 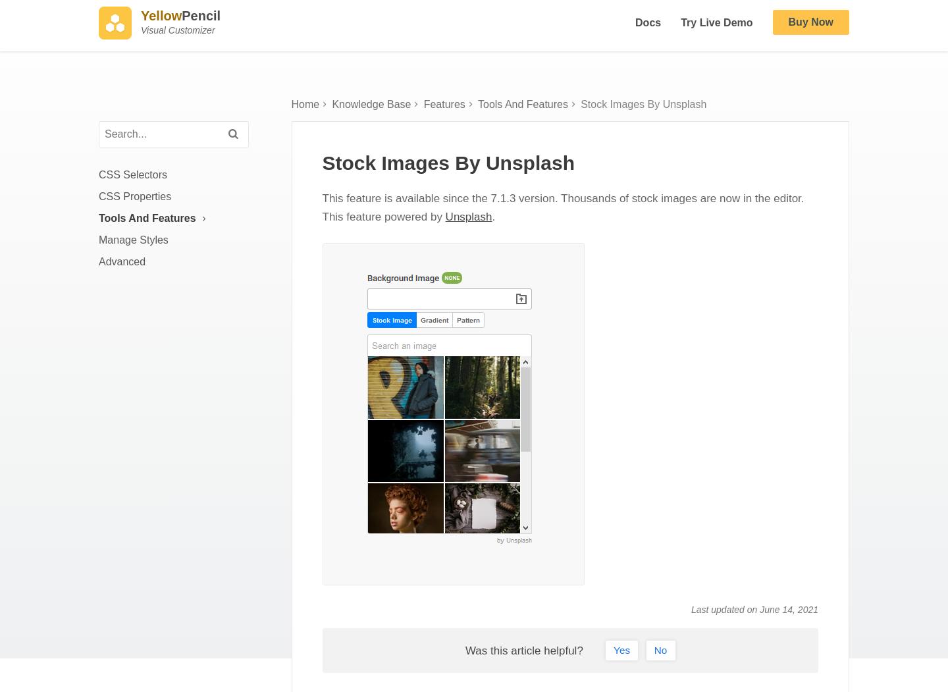 What do you see at coordinates (681, 28) in the screenshot?
I see `'Try Live Demo'` at bounding box center [681, 28].